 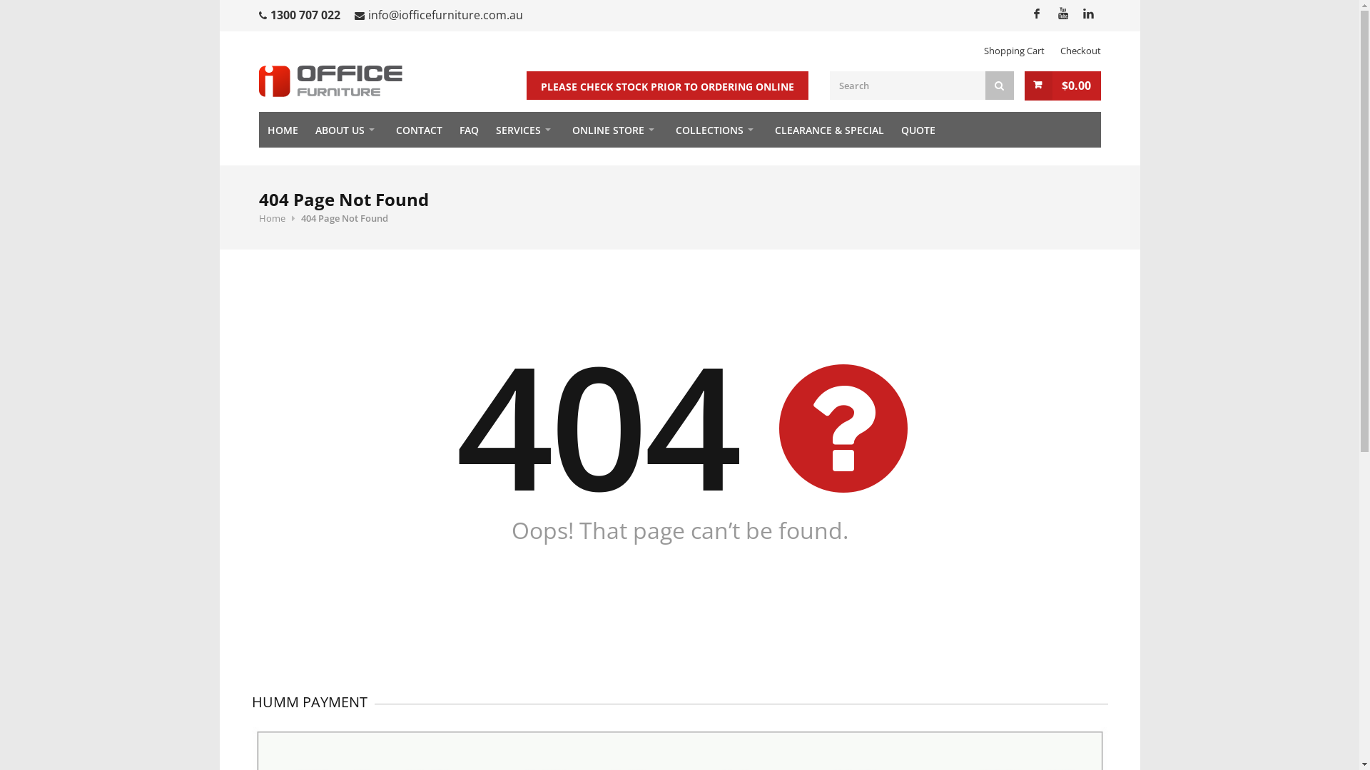 What do you see at coordinates (1035, 13) in the screenshot?
I see `'Facebook'` at bounding box center [1035, 13].